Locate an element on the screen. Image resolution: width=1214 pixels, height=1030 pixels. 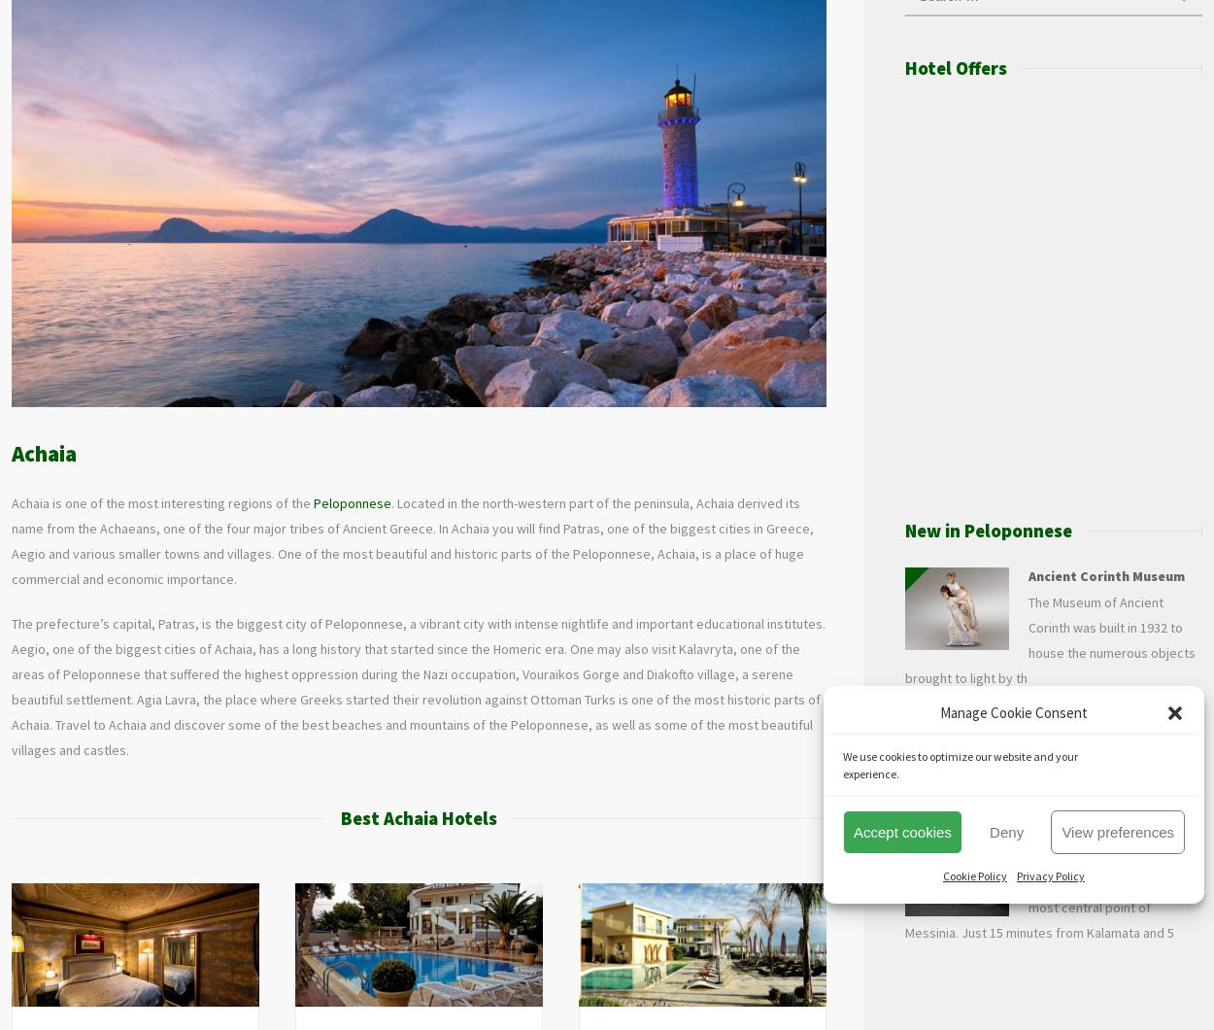
'Poseidonos 1, Kamínia, 25002, Greece' is located at coordinates (451, 997).